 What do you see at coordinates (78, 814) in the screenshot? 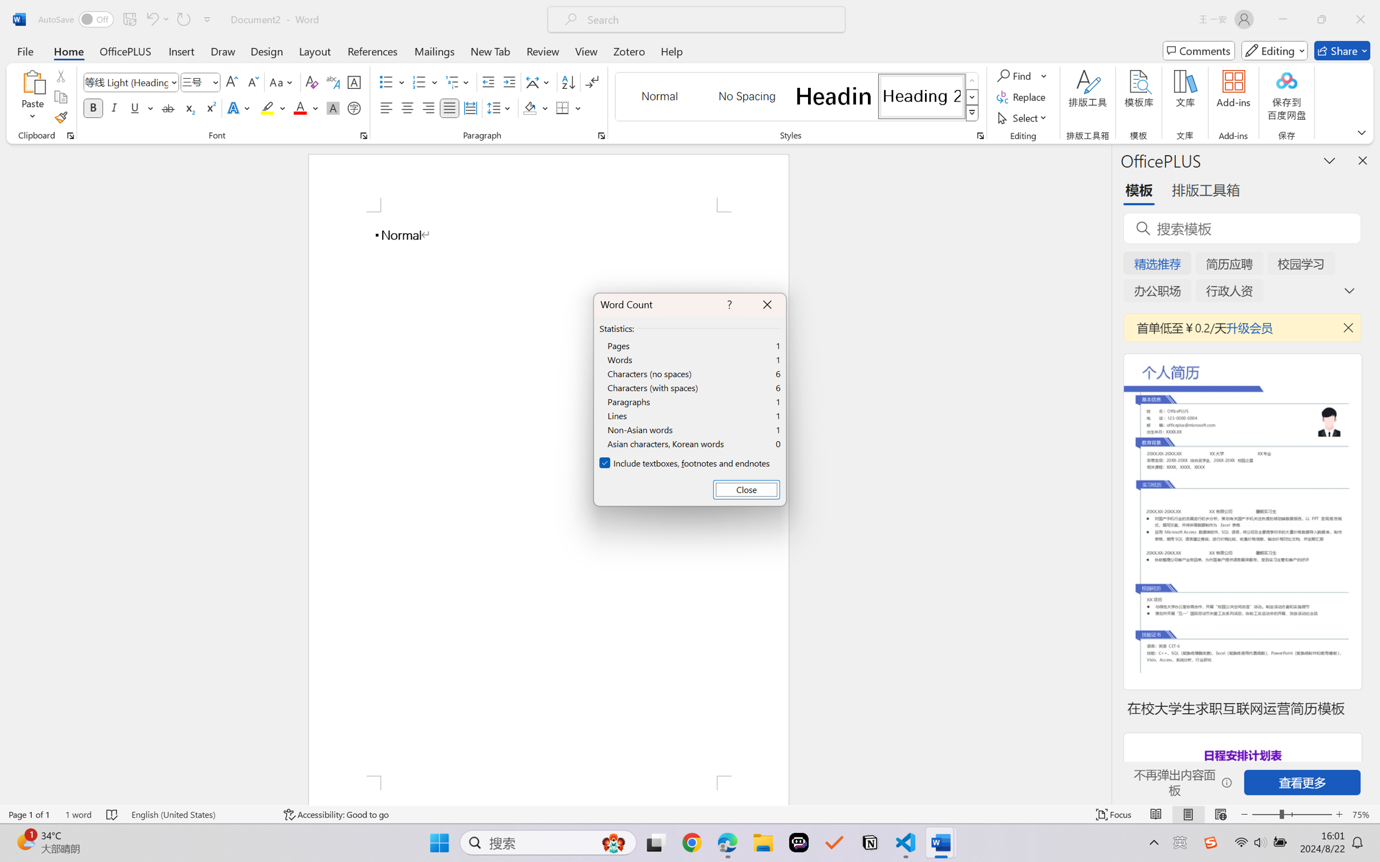
I see `'Word Count 1 word'` at bounding box center [78, 814].